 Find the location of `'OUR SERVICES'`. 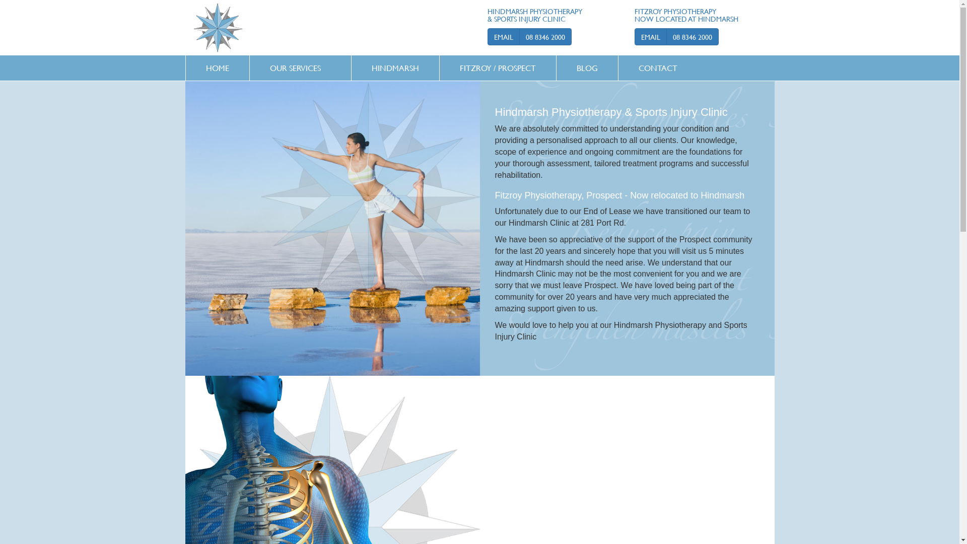

'OUR SERVICES' is located at coordinates (295, 68).